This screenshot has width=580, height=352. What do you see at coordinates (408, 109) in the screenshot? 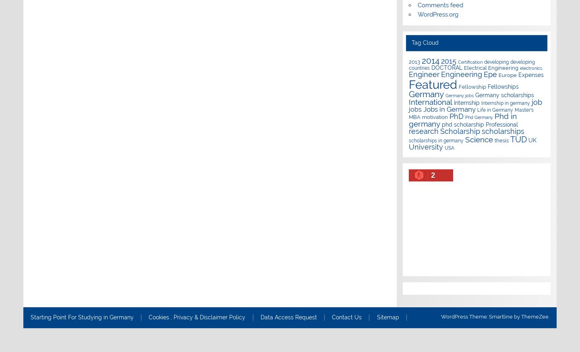
I see `'jobs'` at bounding box center [408, 109].